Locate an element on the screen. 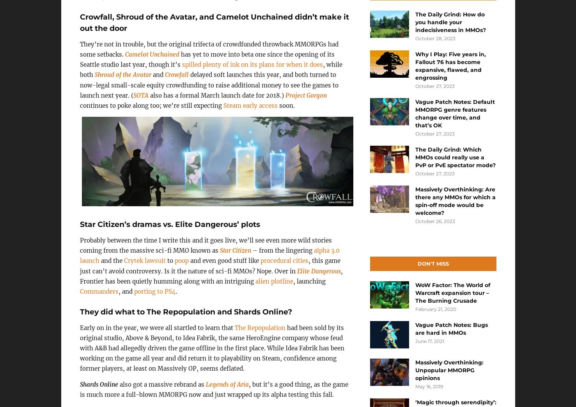 This screenshot has height=407, width=576. 'and even good stuff like' is located at coordinates (223, 261).